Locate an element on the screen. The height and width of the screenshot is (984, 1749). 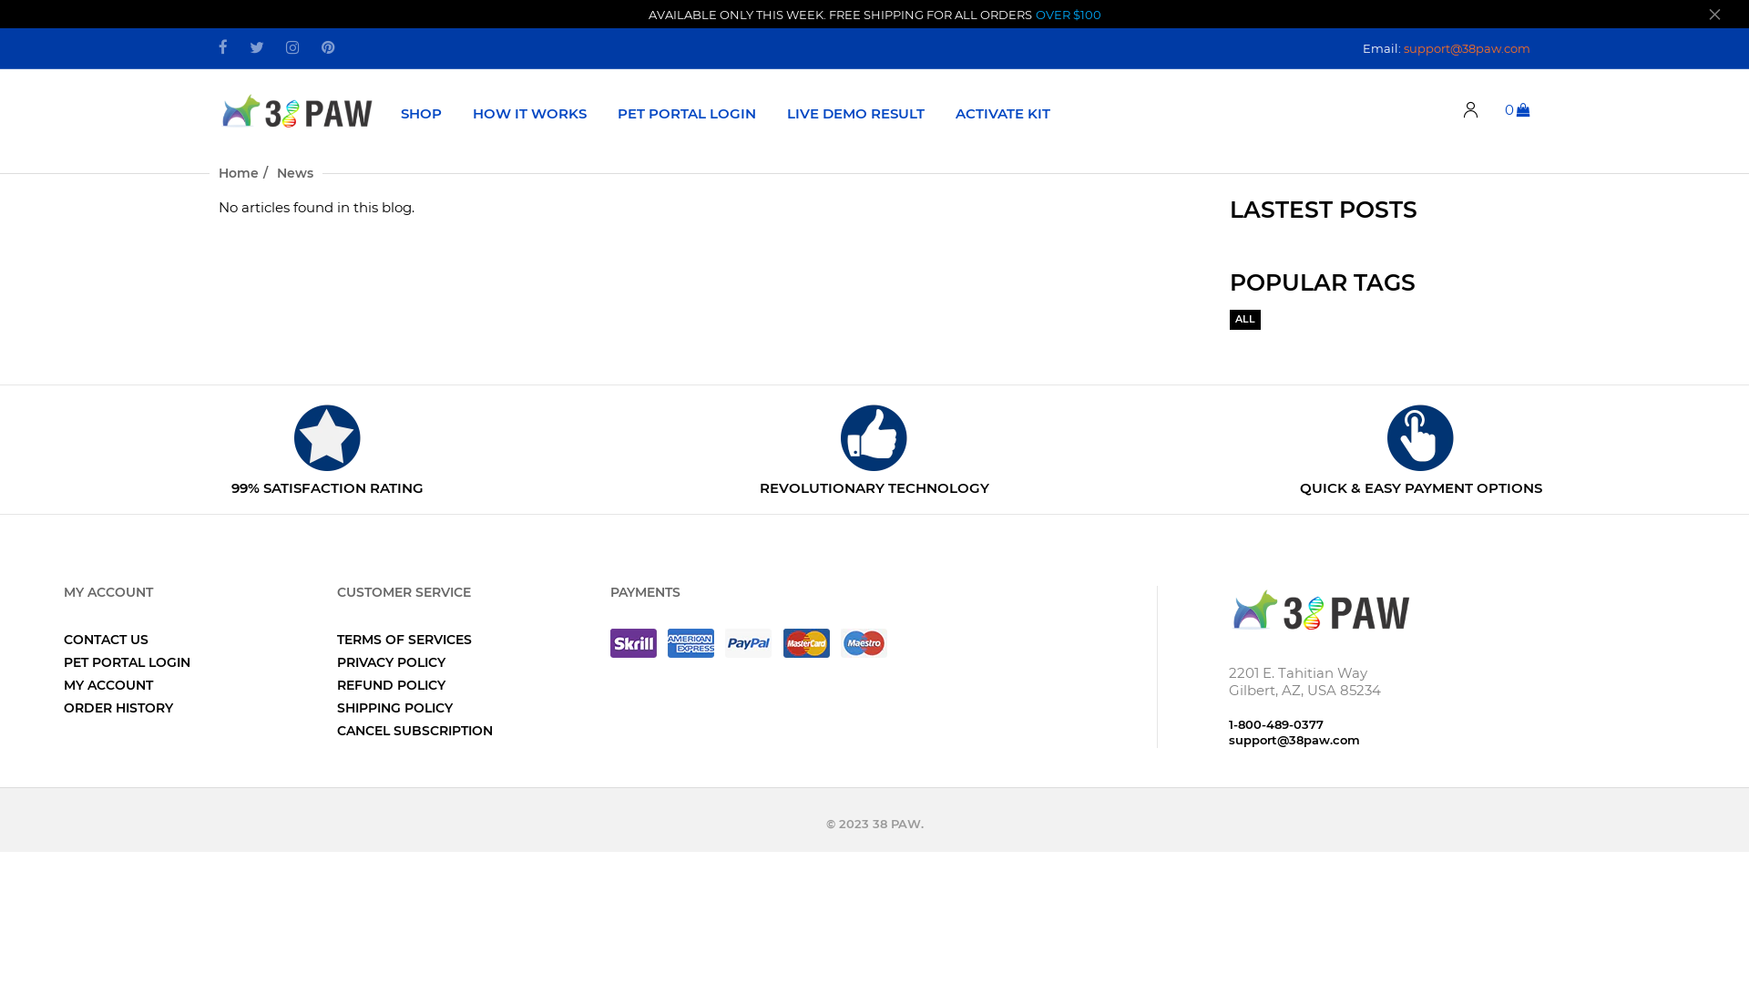
'support@38paw.com' is located at coordinates (1467, 46).